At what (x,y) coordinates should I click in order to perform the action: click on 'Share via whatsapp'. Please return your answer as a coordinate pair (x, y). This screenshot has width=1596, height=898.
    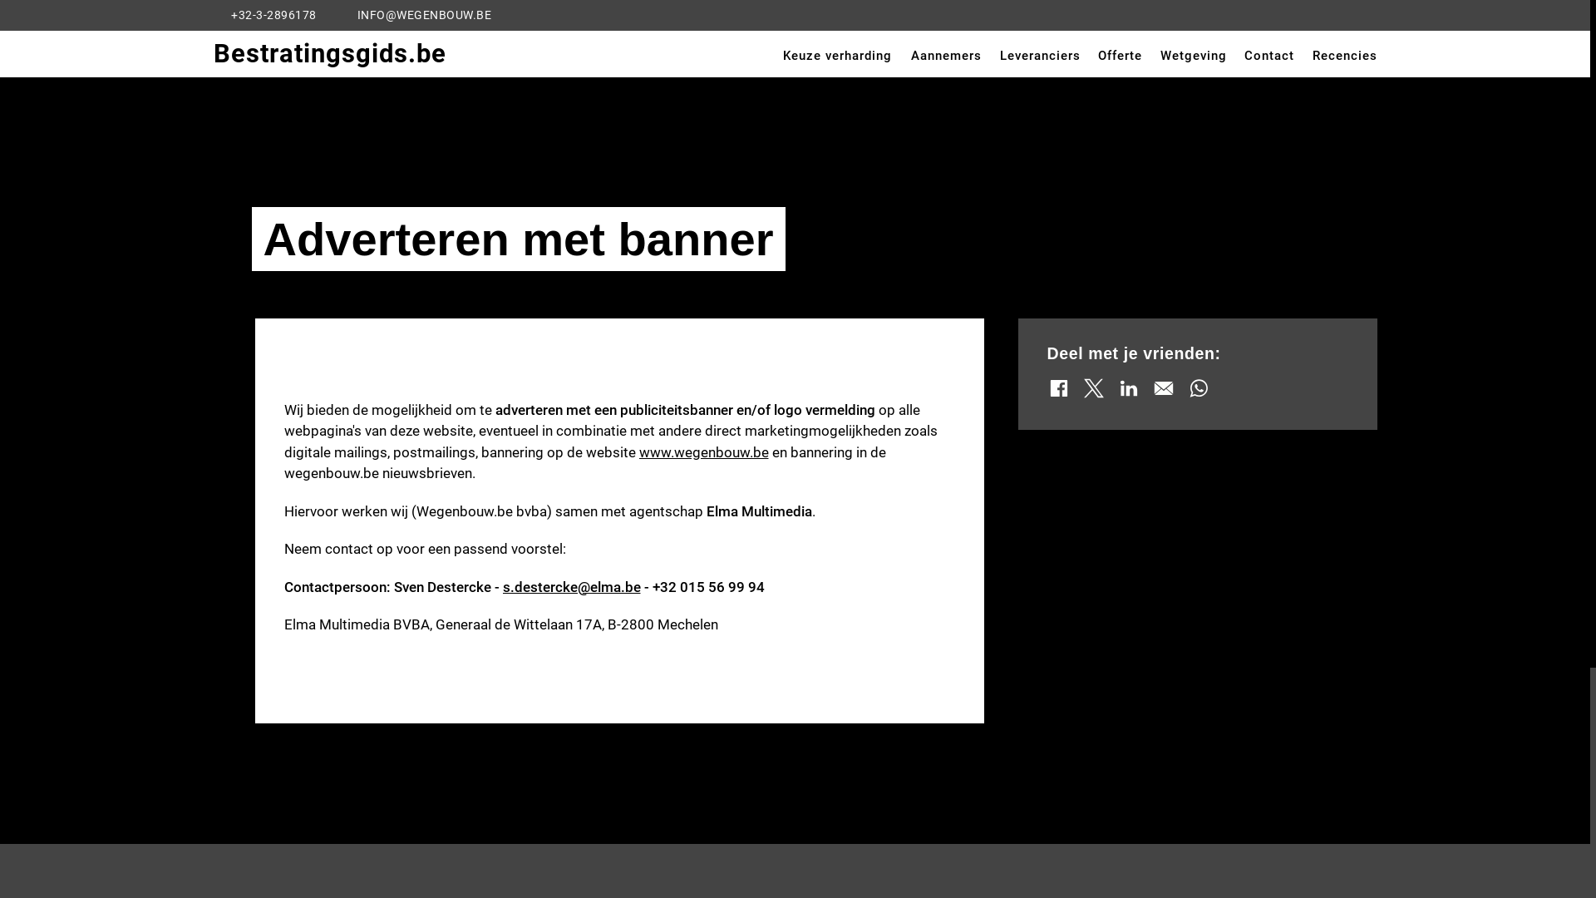
    Looking at the image, I should click on (1186, 387).